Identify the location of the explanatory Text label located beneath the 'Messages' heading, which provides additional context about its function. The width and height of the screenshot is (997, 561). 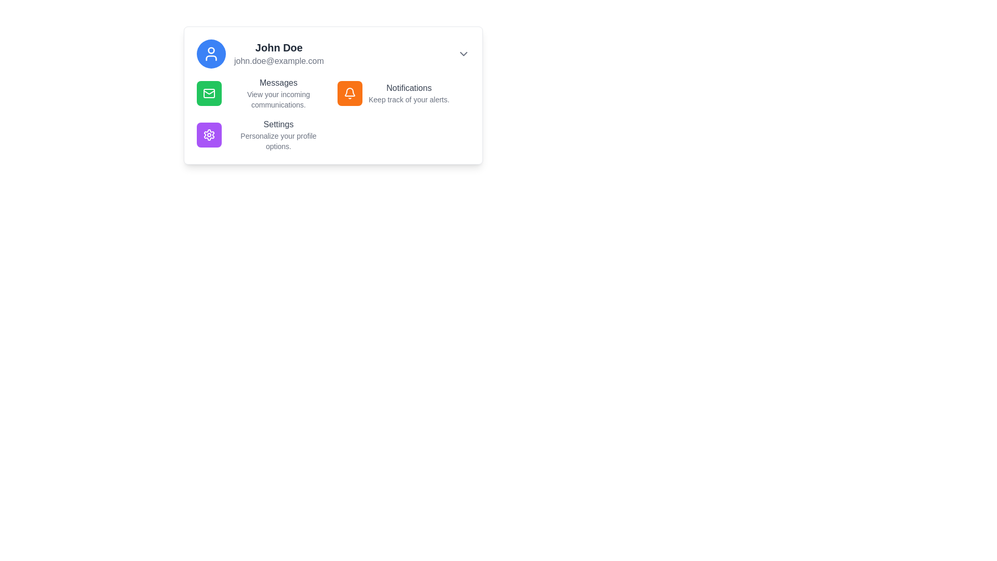
(278, 100).